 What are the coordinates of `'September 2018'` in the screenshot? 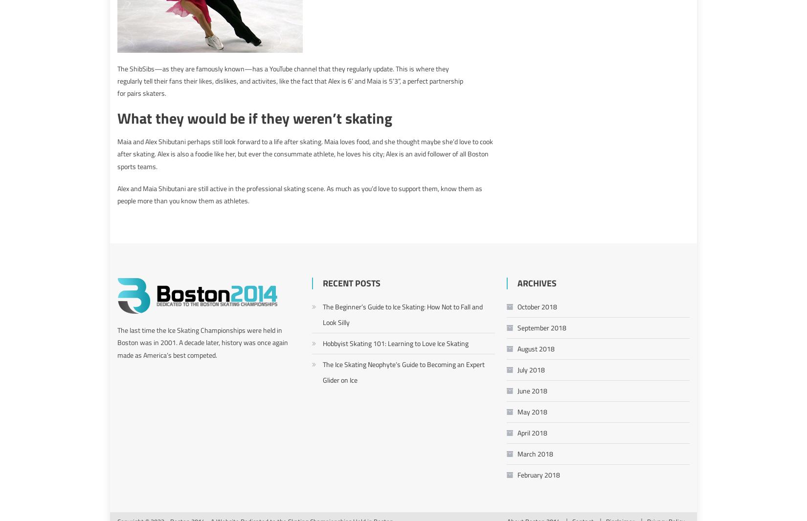 It's located at (541, 326).